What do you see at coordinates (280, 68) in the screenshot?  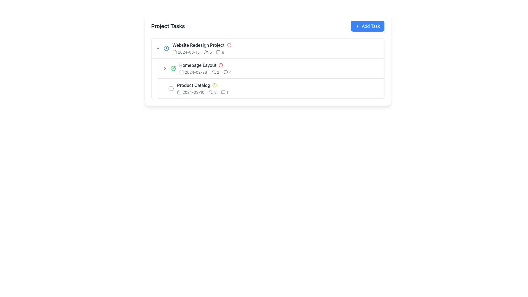 I see `the second task item labeled 'Homepage Layout' to focus or expand its details` at bounding box center [280, 68].